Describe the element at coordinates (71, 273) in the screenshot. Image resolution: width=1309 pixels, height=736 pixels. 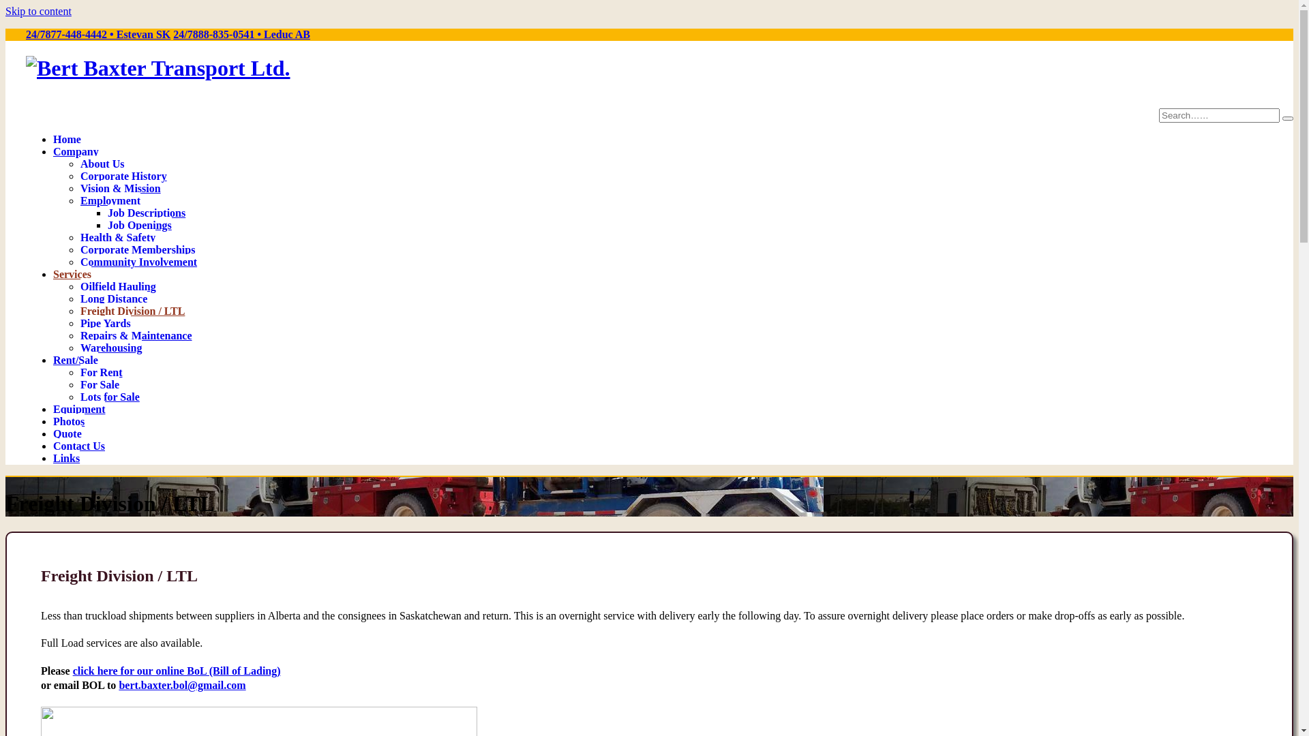
I see `'Services'` at that location.